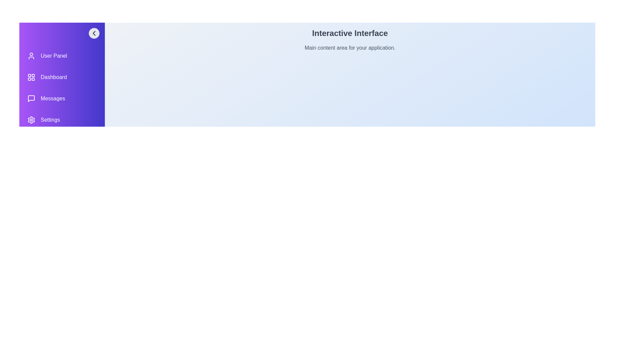 The height and width of the screenshot is (360, 641). Describe the element at coordinates (62, 99) in the screenshot. I see `the menu item labeled Messages to navigate to its associated section` at that location.